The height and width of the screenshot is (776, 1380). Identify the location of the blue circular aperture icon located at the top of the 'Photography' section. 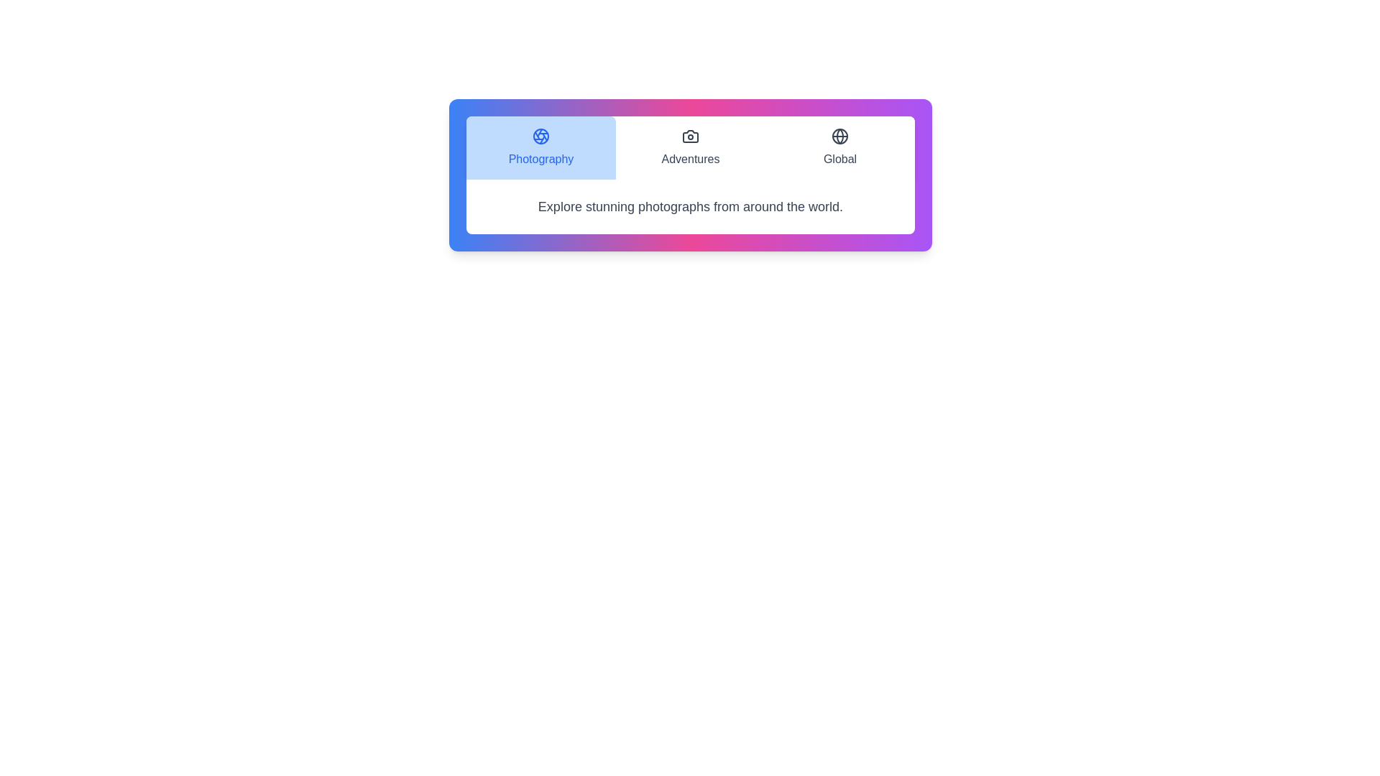
(540, 136).